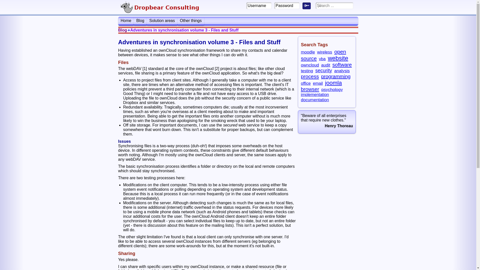 This screenshot has width=480, height=270. Describe the element at coordinates (325, 65) in the screenshot. I see `'audit'` at that location.